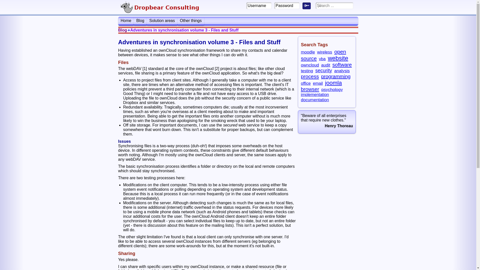 This screenshot has width=480, height=270. Describe the element at coordinates (325, 65) in the screenshot. I see `'audit'` at that location.